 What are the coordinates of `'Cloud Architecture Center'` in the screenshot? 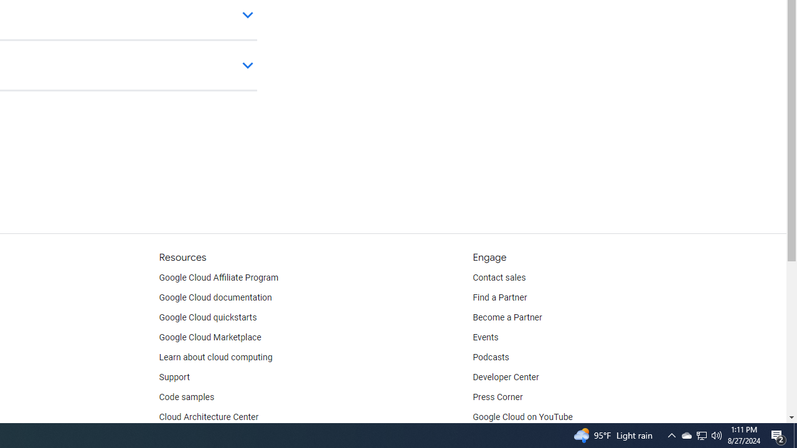 It's located at (209, 418).